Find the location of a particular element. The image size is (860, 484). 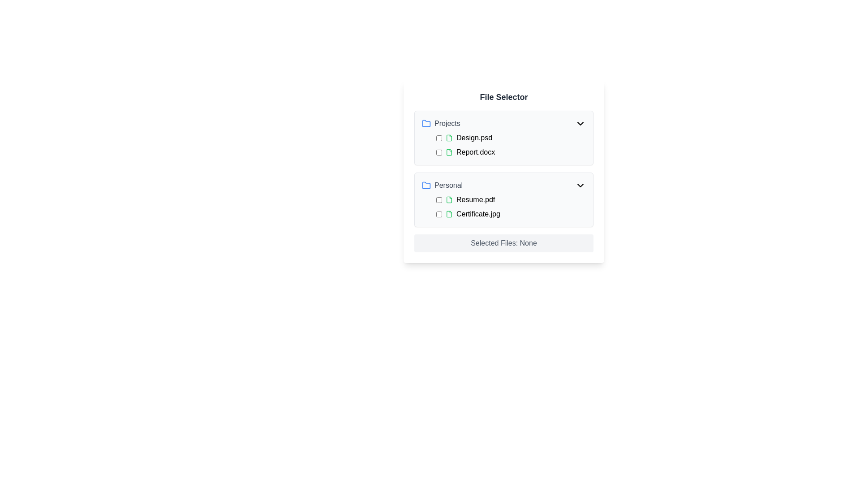

the document icon with a green border and white interior, located to the left of 'Report.docx' in the 'Projects' folder group is located at coordinates (449, 138).